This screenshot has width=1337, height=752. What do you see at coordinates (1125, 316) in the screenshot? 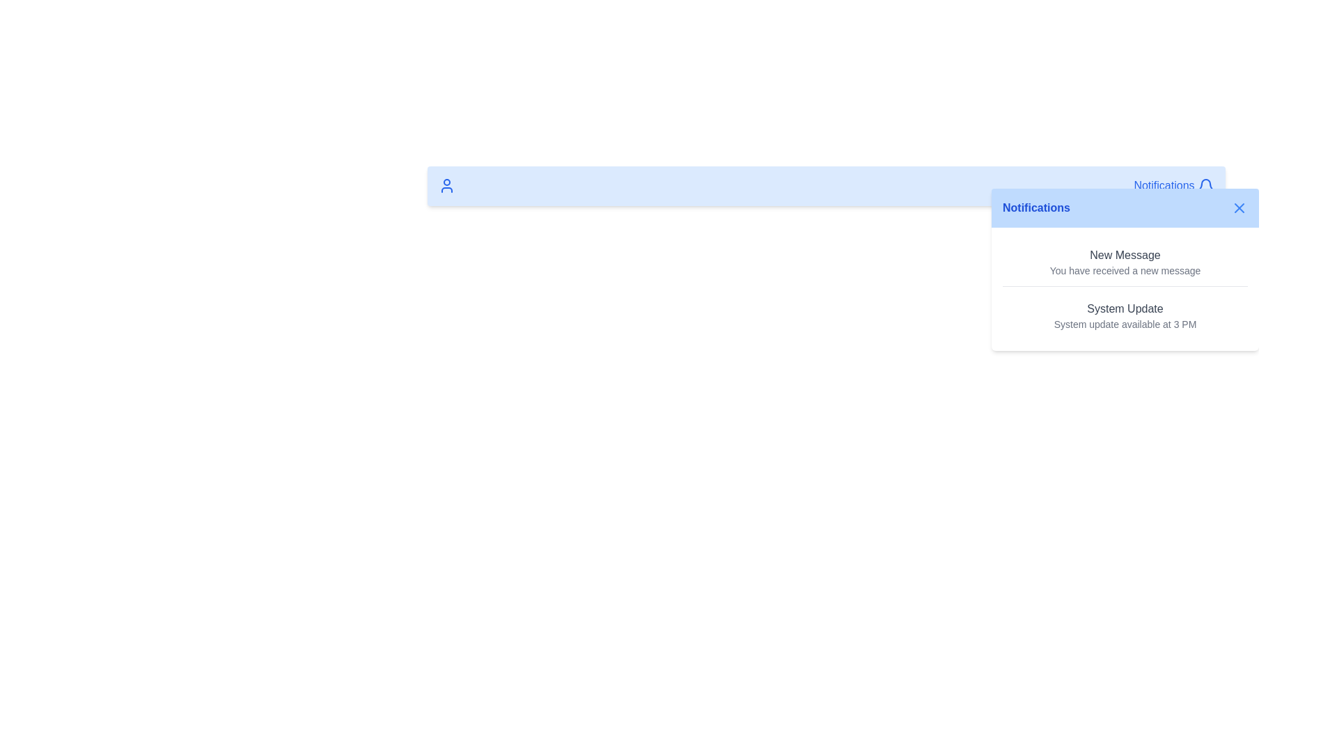
I see `the second notification item in the notification dropdown menu that informs about a system update scheduled for 3 PM` at bounding box center [1125, 316].